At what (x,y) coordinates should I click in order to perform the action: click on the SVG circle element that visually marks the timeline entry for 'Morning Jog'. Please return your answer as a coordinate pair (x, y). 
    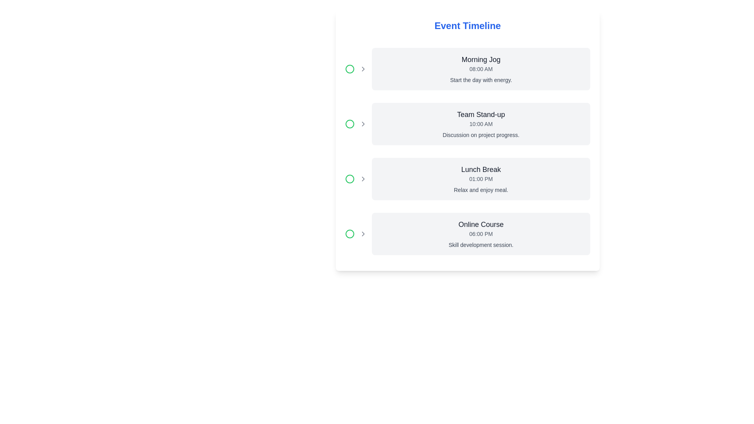
    Looking at the image, I should click on (350, 69).